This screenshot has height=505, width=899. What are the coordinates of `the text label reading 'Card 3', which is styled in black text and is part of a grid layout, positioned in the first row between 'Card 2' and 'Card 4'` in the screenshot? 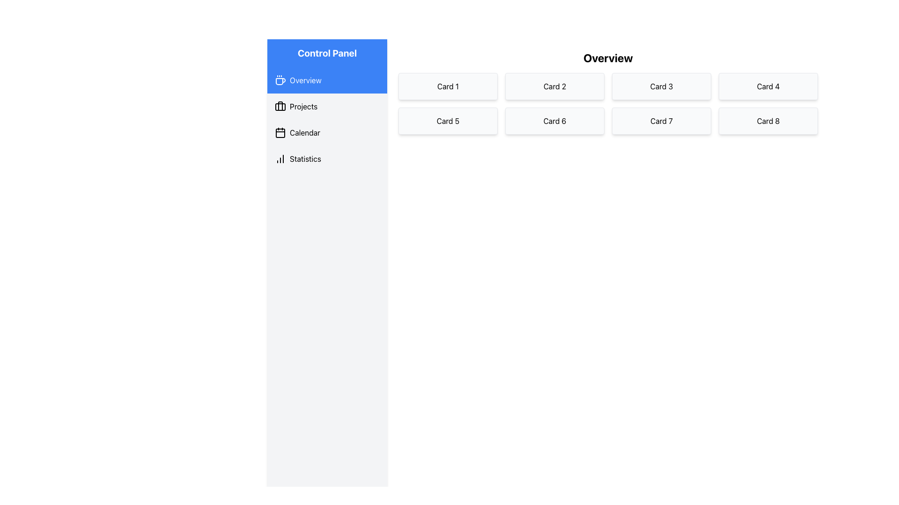 It's located at (661, 87).